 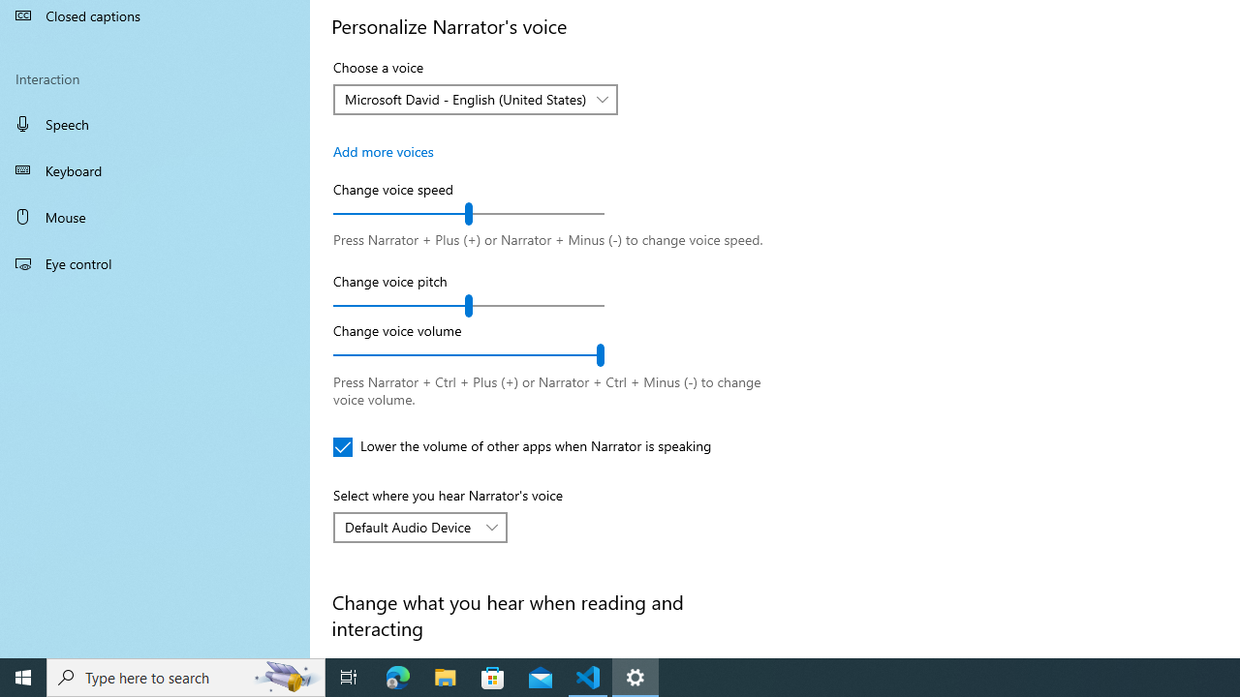 What do you see at coordinates (384, 150) in the screenshot?
I see `'Add more voices'` at bounding box center [384, 150].